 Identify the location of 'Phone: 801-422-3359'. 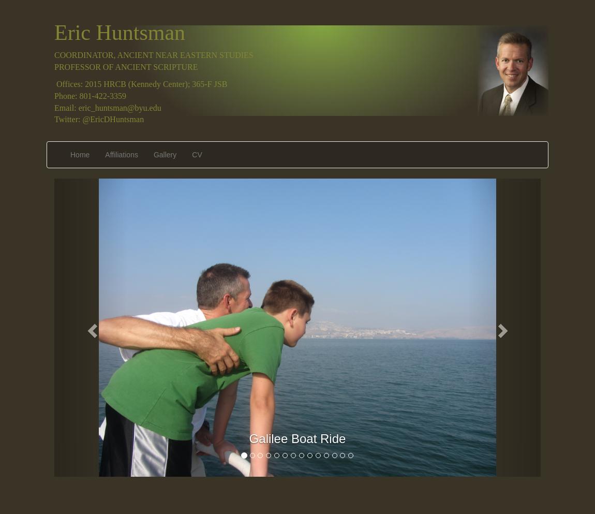
(90, 95).